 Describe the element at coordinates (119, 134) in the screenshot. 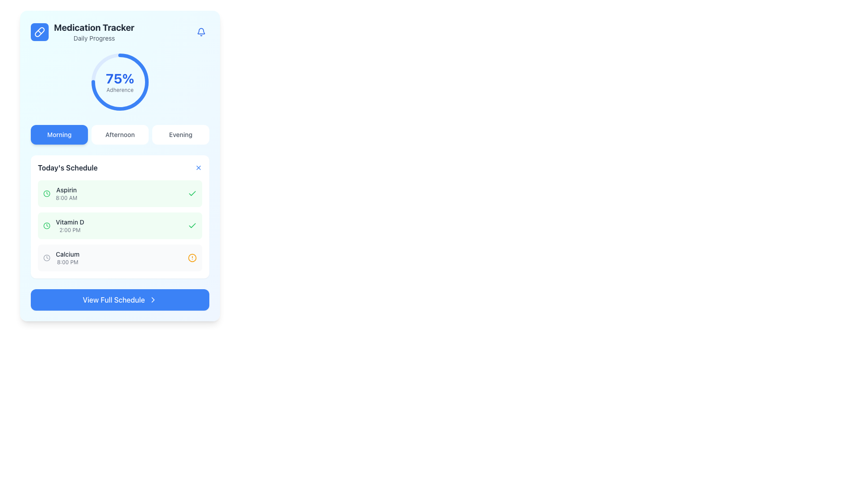

I see `the button group containing 'Morning', 'Afternoon', and 'Evening' labels` at that location.